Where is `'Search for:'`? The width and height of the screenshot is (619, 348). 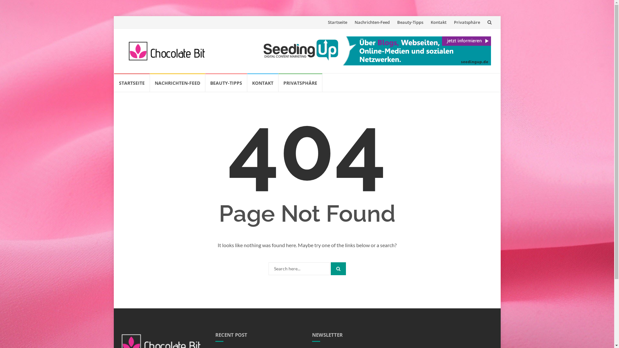 'Search for:' is located at coordinates (268, 268).